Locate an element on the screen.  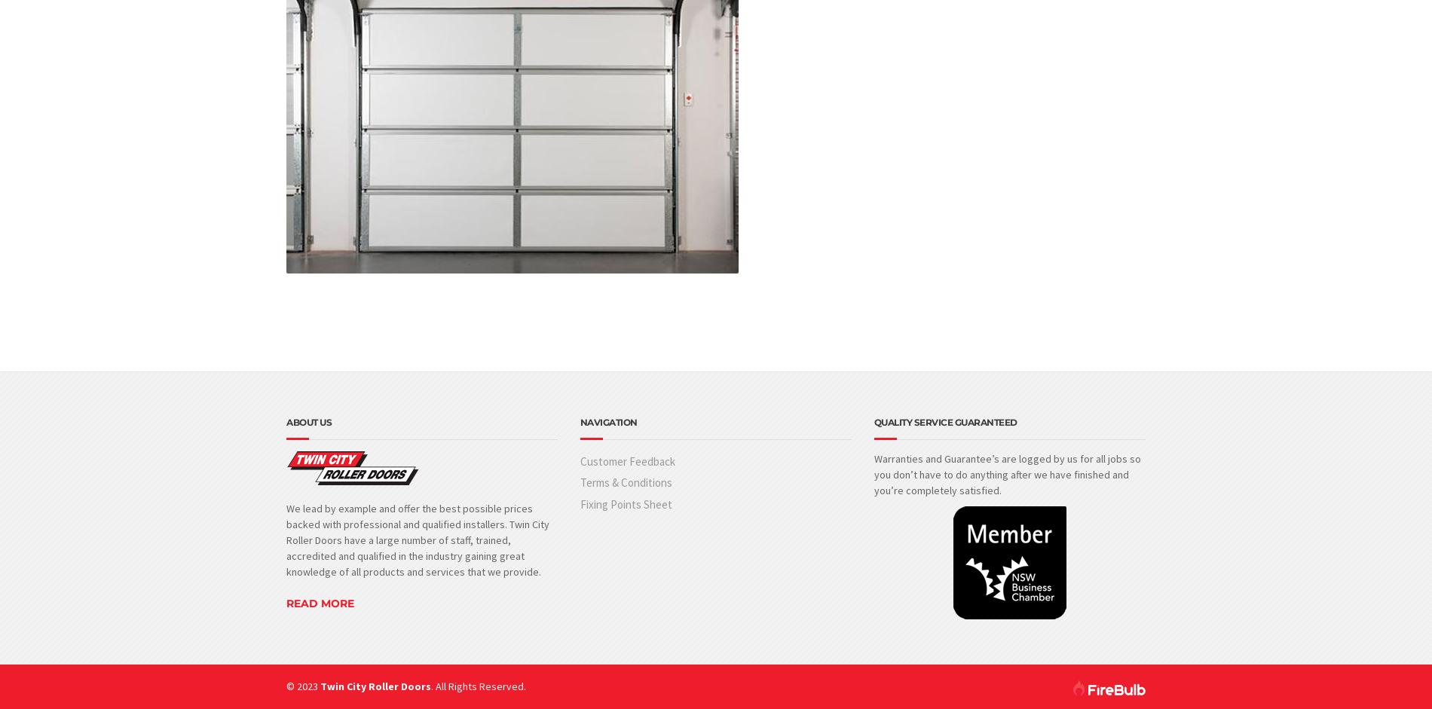
'QUALITY SERVICE GUARANTEED' is located at coordinates (944, 421).